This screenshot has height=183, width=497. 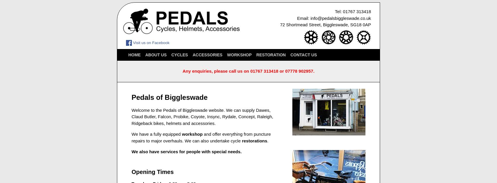 I want to click on 'About Us', so click(x=156, y=54).